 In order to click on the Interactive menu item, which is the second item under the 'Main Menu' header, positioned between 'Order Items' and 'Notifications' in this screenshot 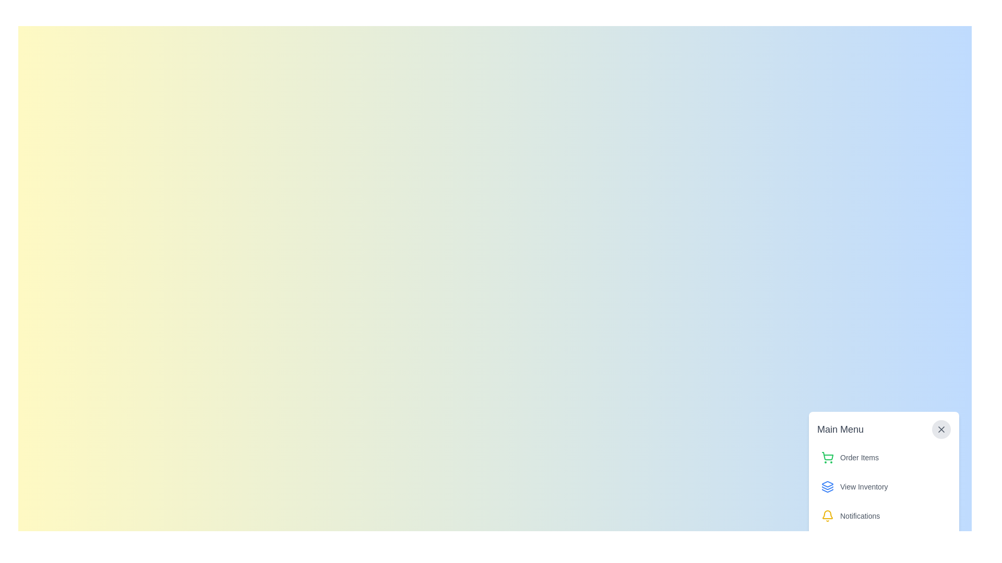, I will do `click(884, 486)`.